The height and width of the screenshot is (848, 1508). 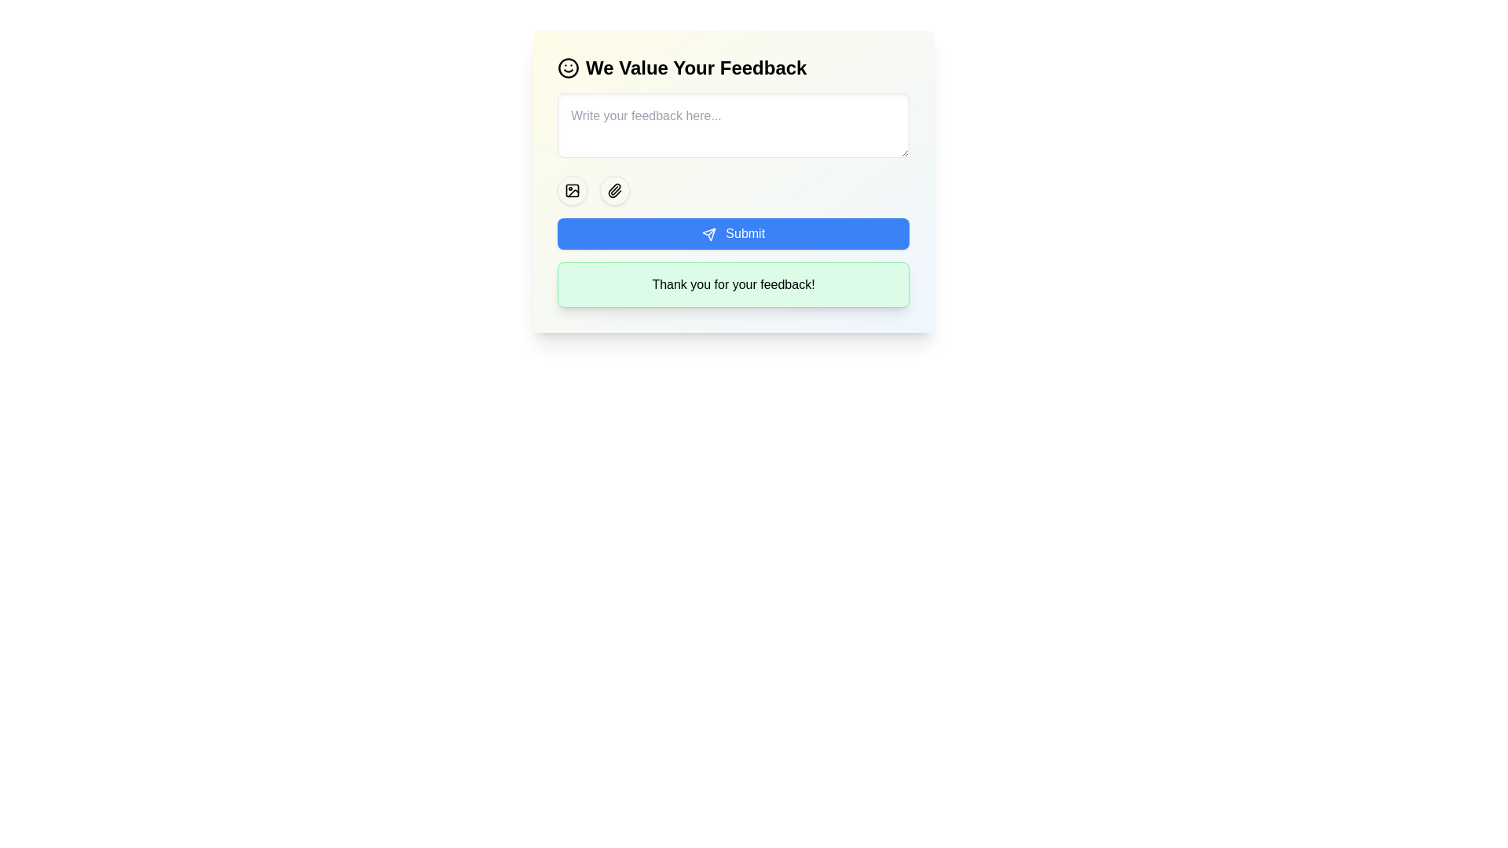 What do you see at coordinates (568, 68) in the screenshot?
I see `the circular SVG icon representing the main structure of the smiley face located at the top-left corner of the feedback form interface, adjacent to the text 'We Value Your Feedback'` at bounding box center [568, 68].